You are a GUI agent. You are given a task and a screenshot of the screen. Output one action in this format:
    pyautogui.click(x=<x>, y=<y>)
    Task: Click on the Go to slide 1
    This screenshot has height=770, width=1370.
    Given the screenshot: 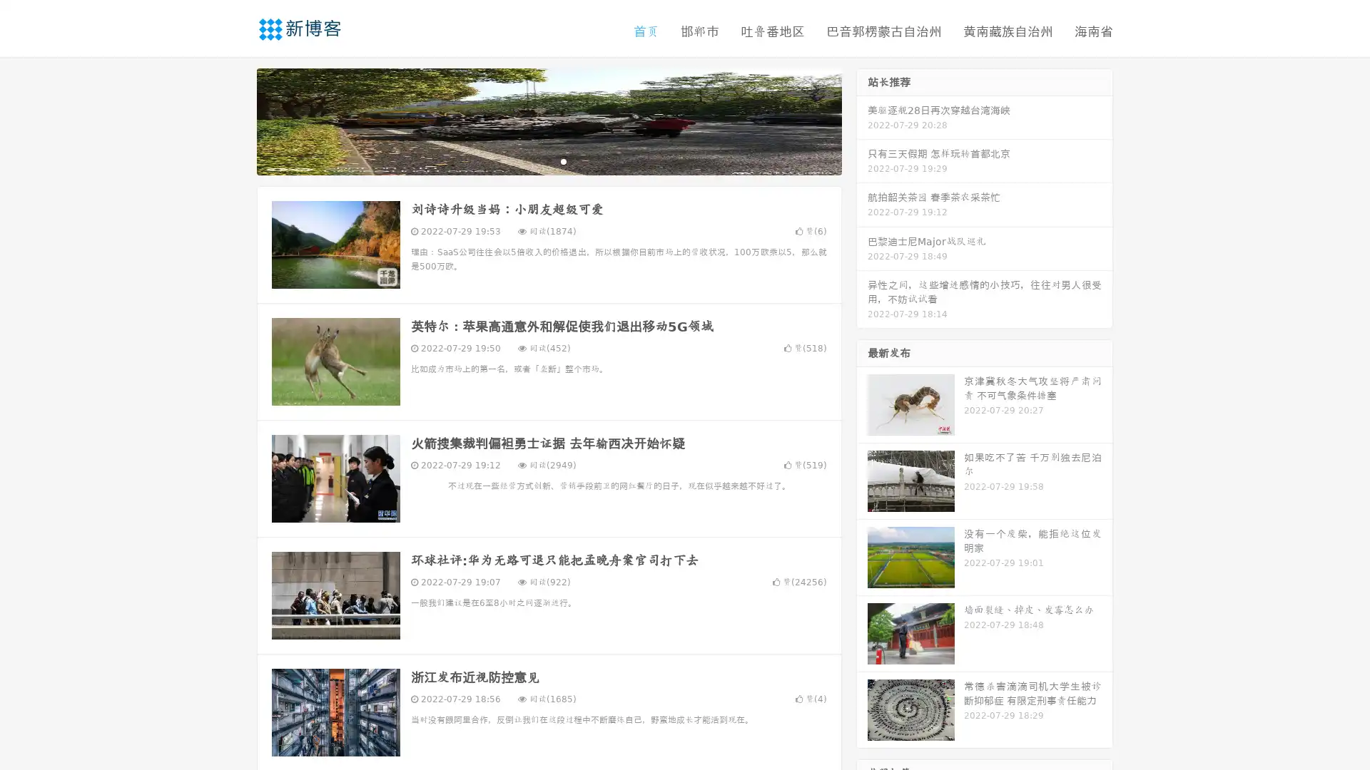 What is the action you would take?
    pyautogui.click(x=534, y=160)
    